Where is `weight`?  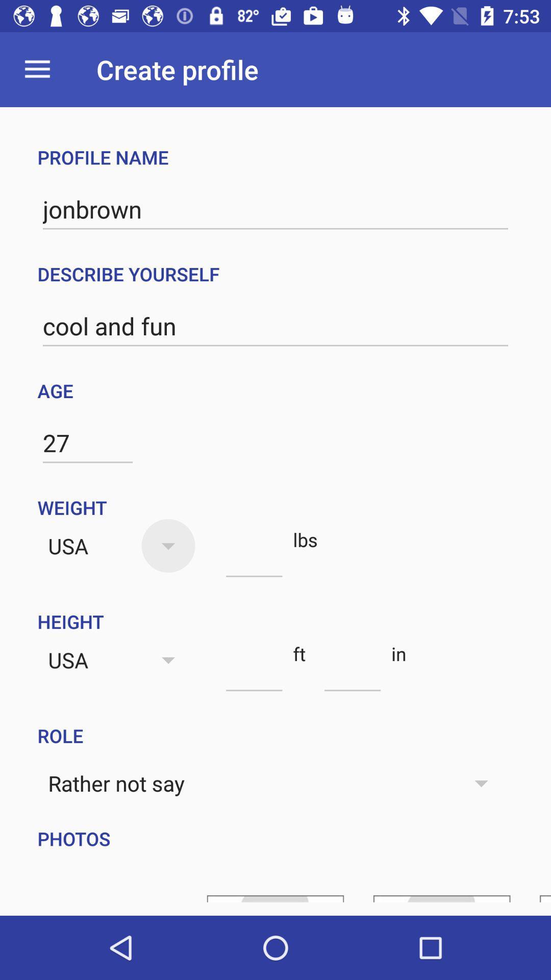 weight is located at coordinates (254, 558).